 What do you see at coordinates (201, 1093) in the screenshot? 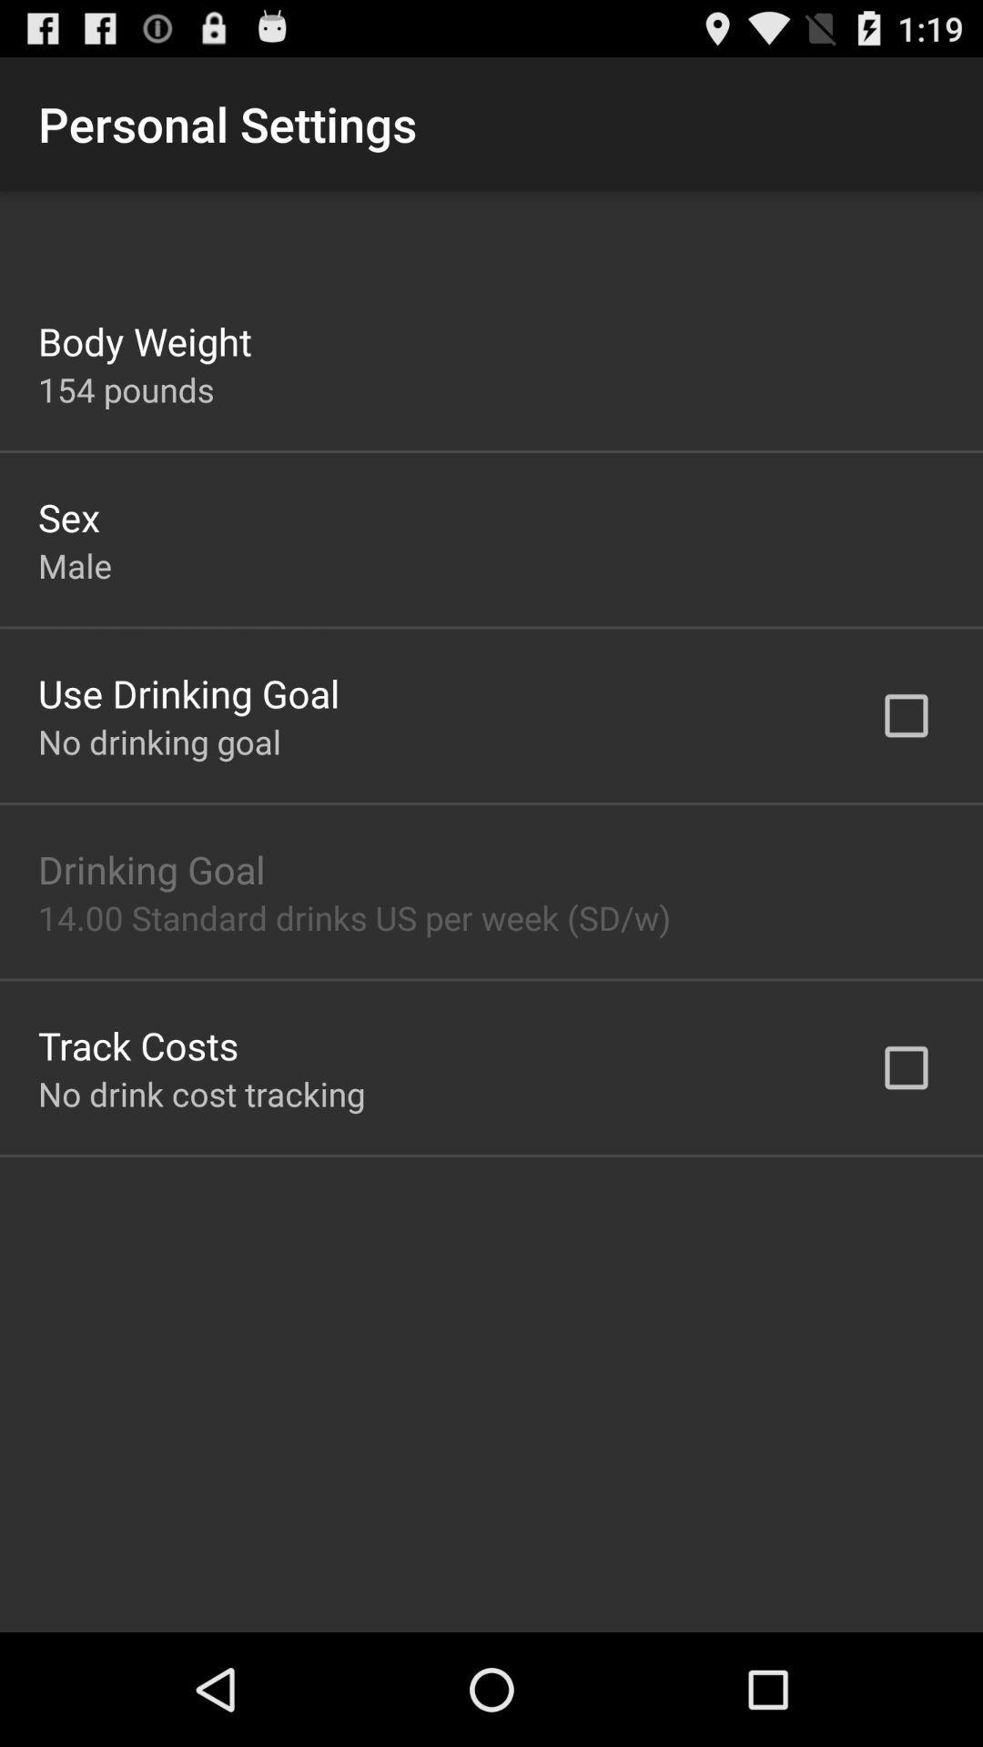
I see `the no drink cost` at bounding box center [201, 1093].